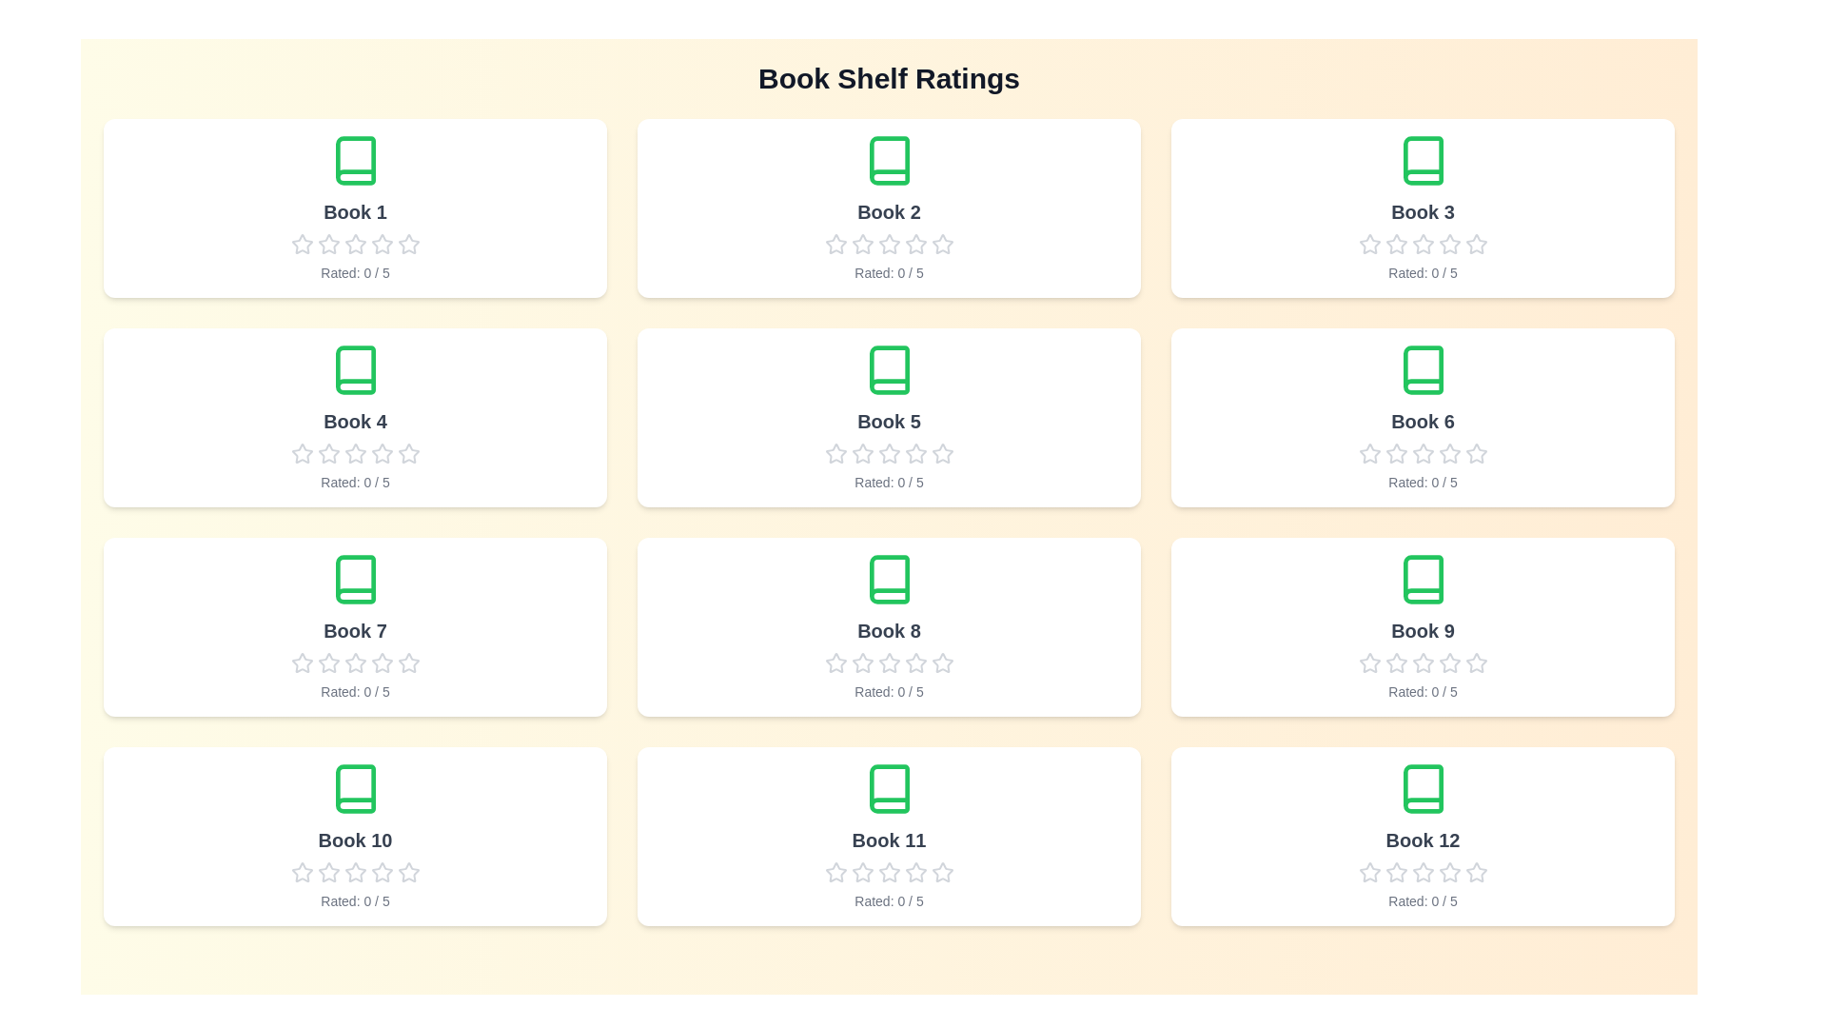 This screenshot has width=1827, height=1028. What do you see at coordinates (355, 160) in the screenshot?
I see `the book icon for Book 1 to trigger visual feedback` at bounding box center [355, 160].